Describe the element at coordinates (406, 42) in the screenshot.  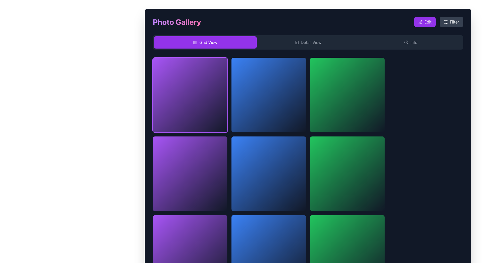
I see `the SVG-based icon to the left of the 'Info' text in the upper-right corner` at that location.